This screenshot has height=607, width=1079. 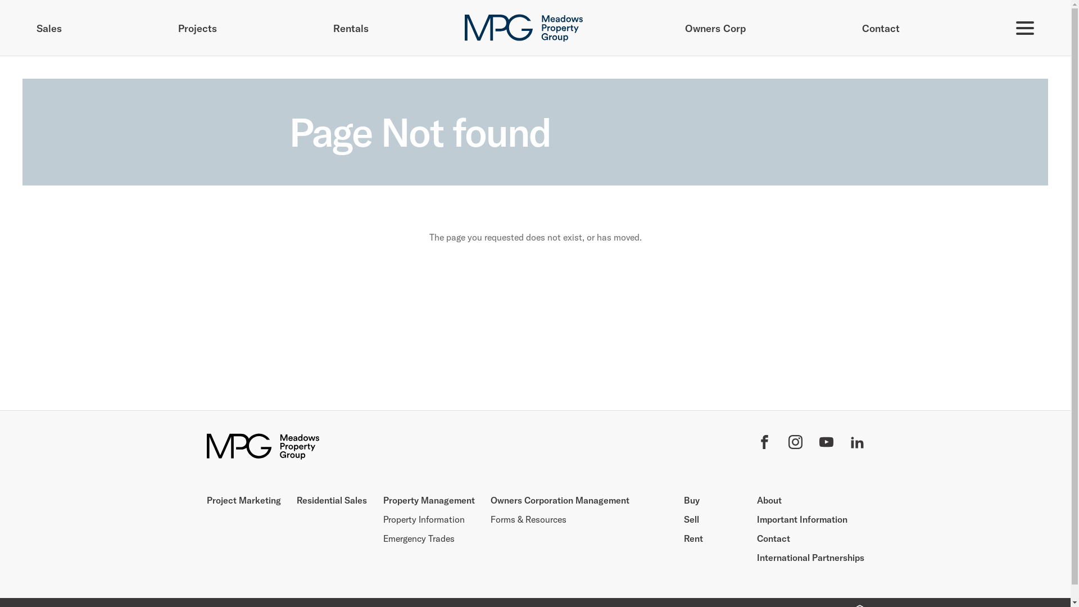 What do you see at coordinates (856, 443) in the screenshot?
I see `'linkedin'` at bounding box center [856, 443].